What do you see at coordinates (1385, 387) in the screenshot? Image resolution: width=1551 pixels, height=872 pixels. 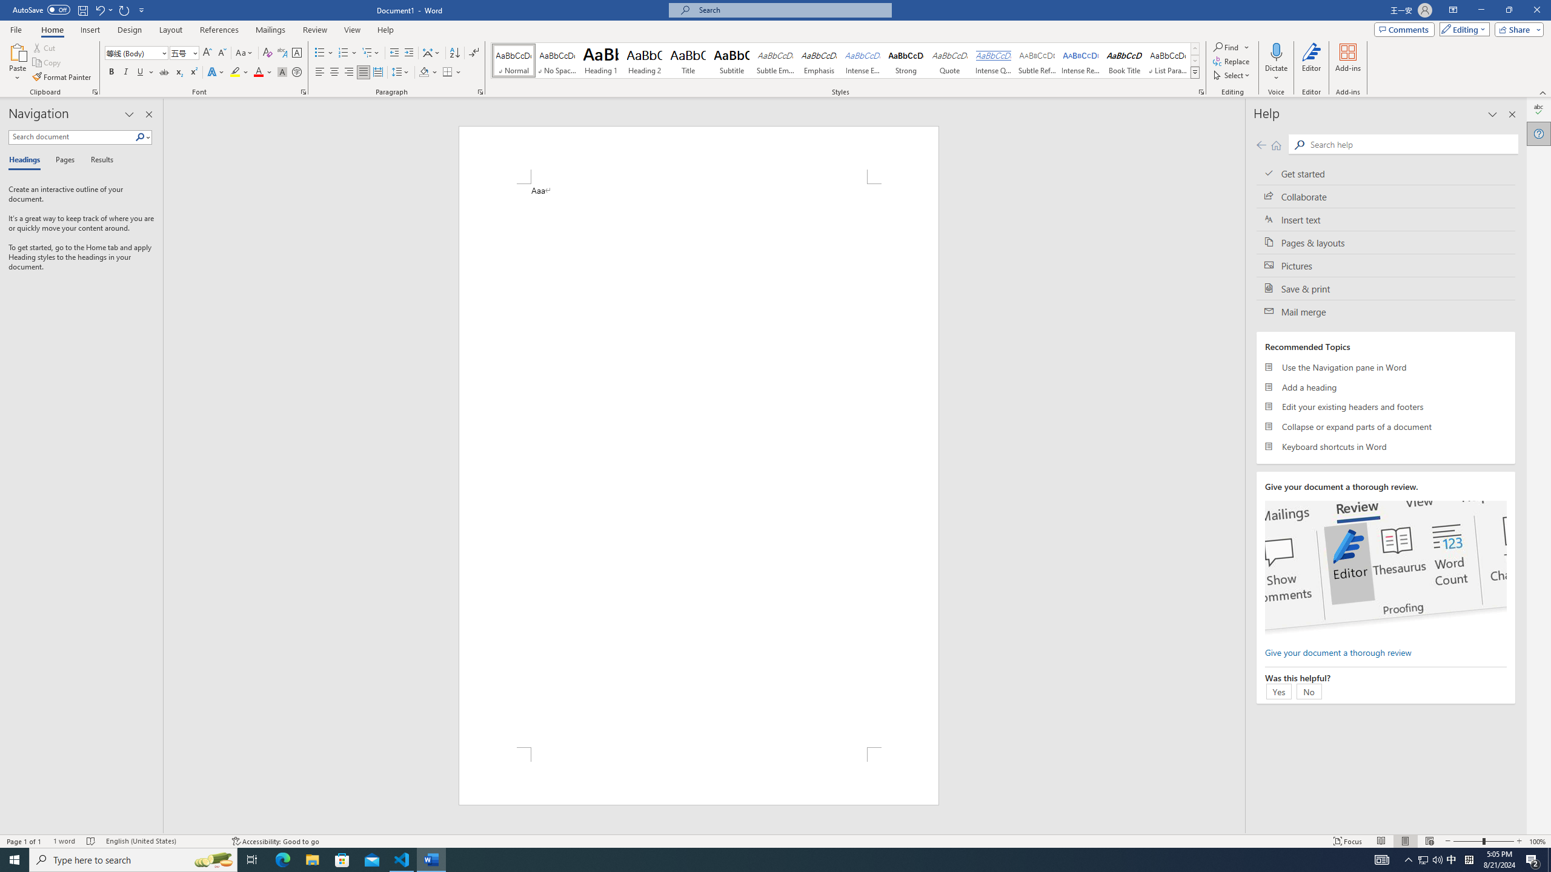 I see `'Add a heading'` at bounding box center [1385, 387].